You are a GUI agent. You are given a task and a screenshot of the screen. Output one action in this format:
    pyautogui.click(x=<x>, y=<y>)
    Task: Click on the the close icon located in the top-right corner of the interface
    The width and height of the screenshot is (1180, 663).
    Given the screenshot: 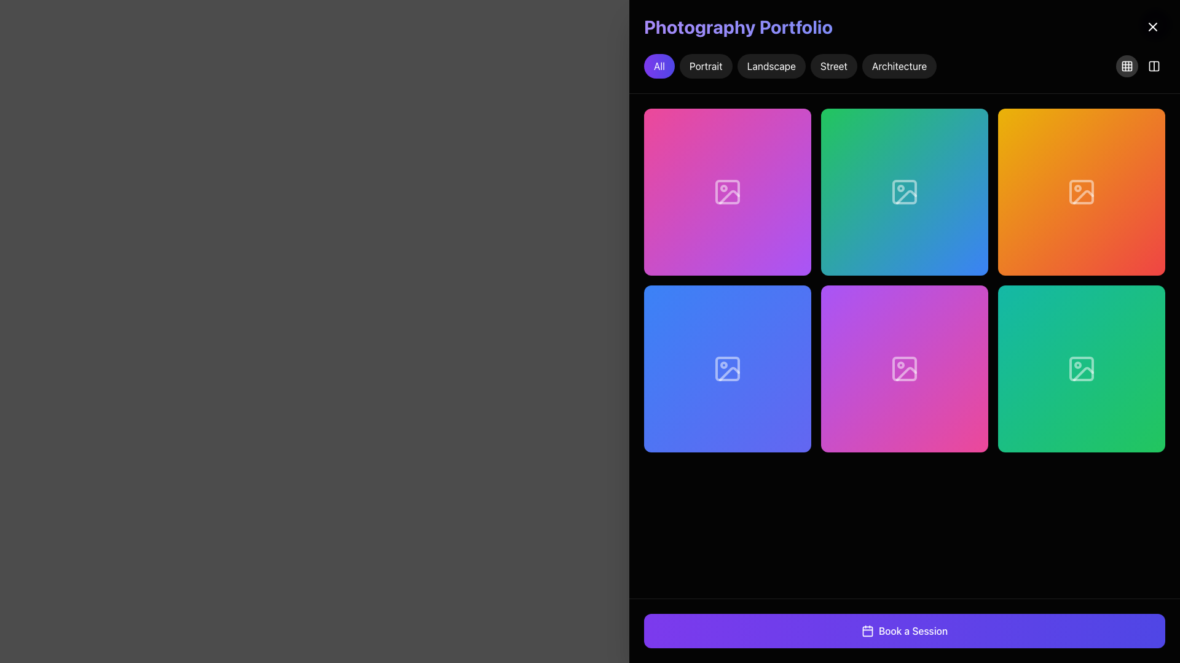 What is the action you would take?
    pyautogui.click(x=1152, y=26)
    